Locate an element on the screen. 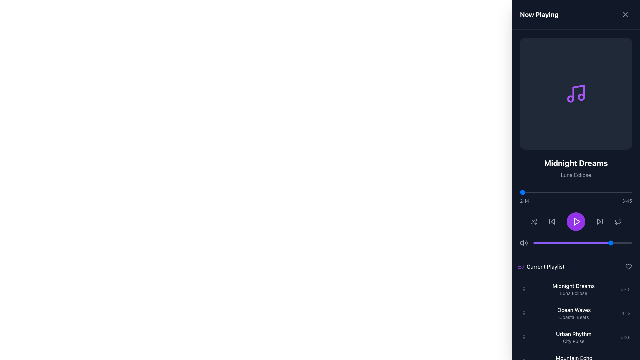 The image size is (640, 360). the playback progress is located at coordinates (534, 192).